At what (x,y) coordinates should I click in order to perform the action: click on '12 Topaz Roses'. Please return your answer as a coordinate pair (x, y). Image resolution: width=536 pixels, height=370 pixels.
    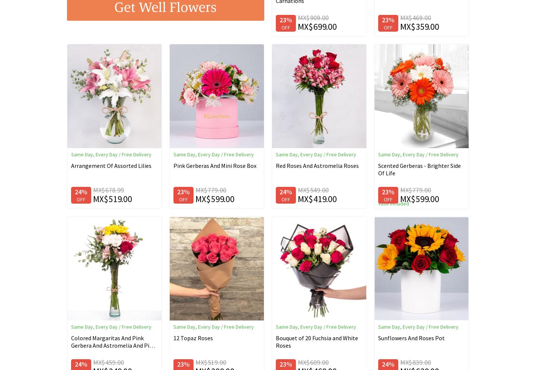
    Looking at the image, I should click on (192, 337).